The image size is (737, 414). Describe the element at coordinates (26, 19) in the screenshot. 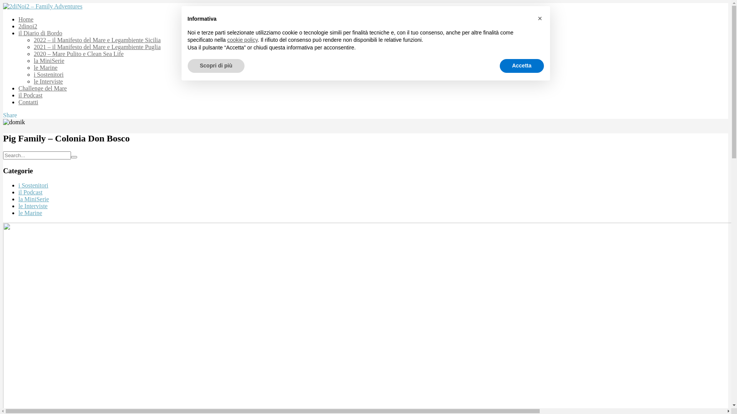

I see `'Home'` at that location.